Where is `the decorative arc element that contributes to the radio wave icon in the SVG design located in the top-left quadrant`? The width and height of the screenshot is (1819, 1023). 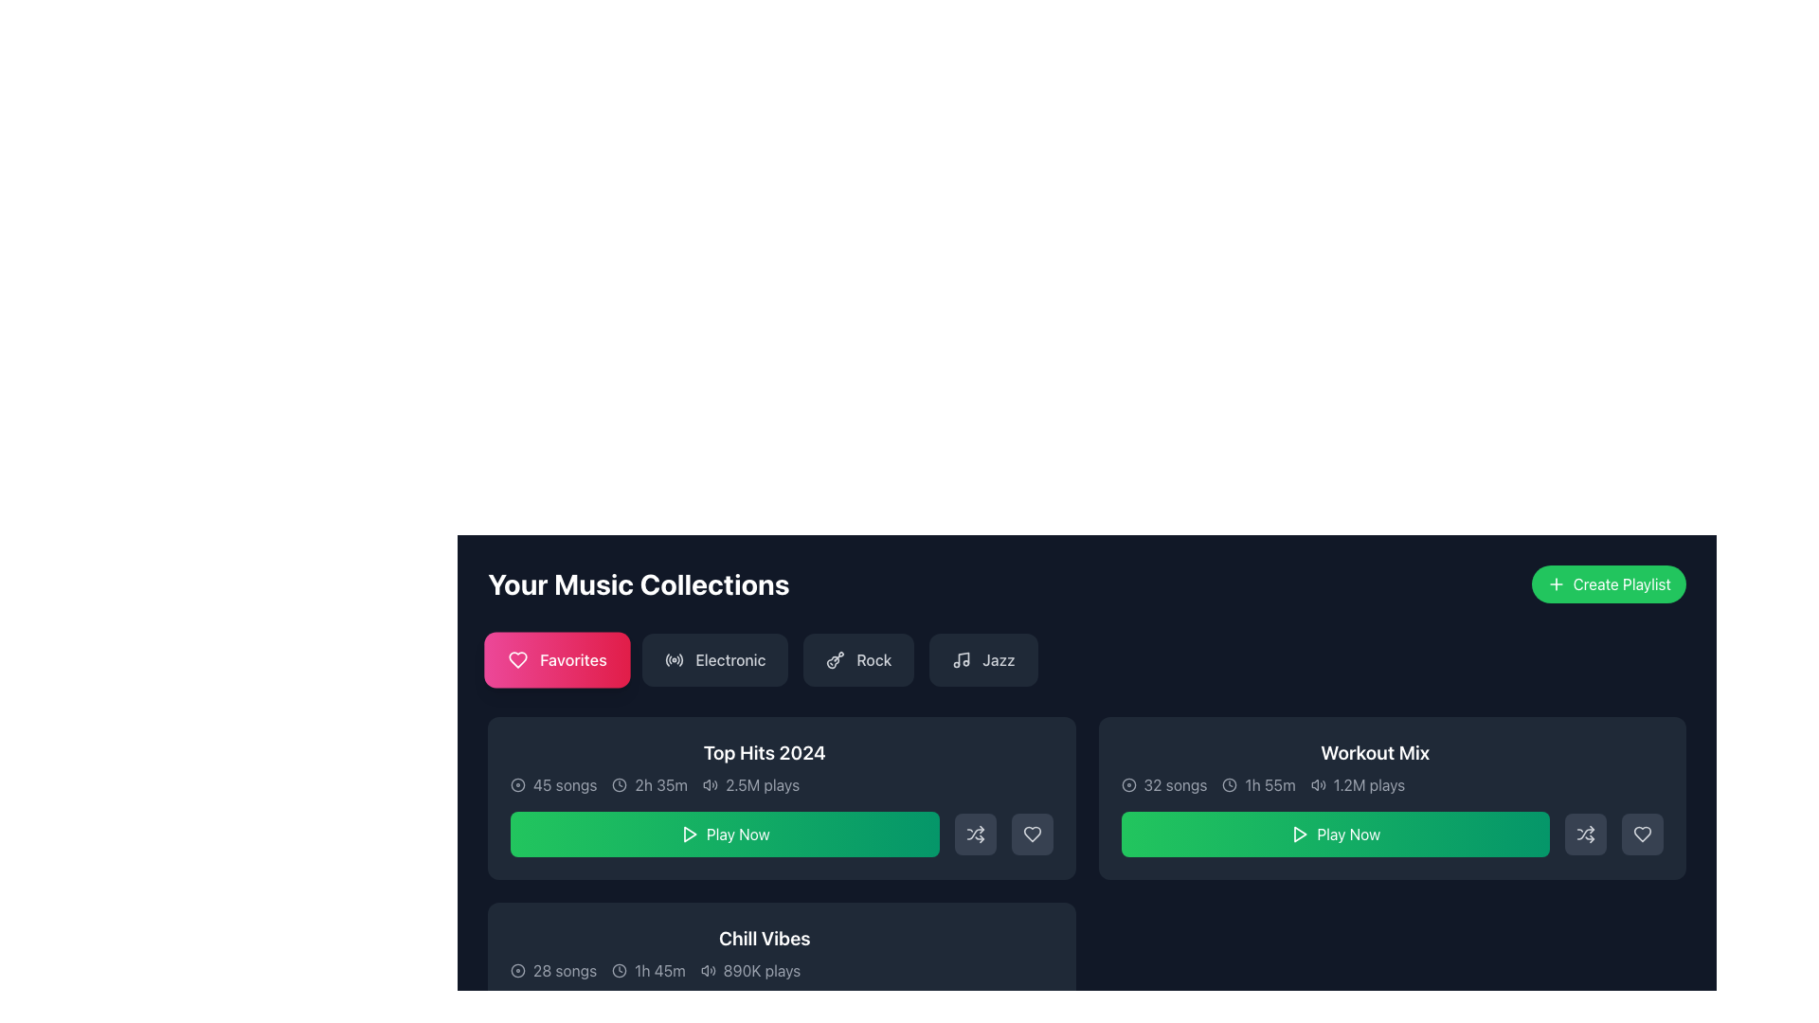
the decorative arc element that contributes to the radio wave icon in the SVG design located in the top-left quadrant is located at coordinates (668, 659).